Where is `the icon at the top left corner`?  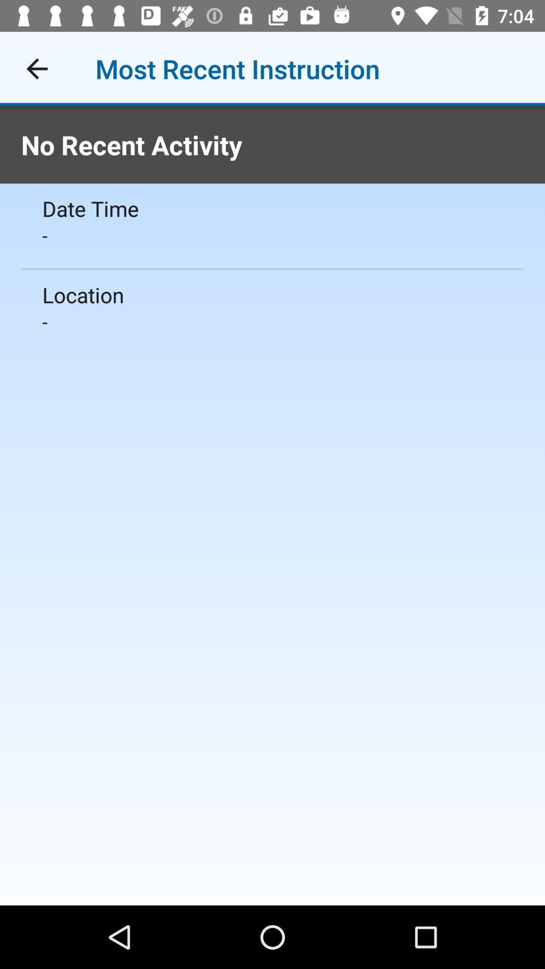 the icon at the top left corner is located at coordinates (36, 68).